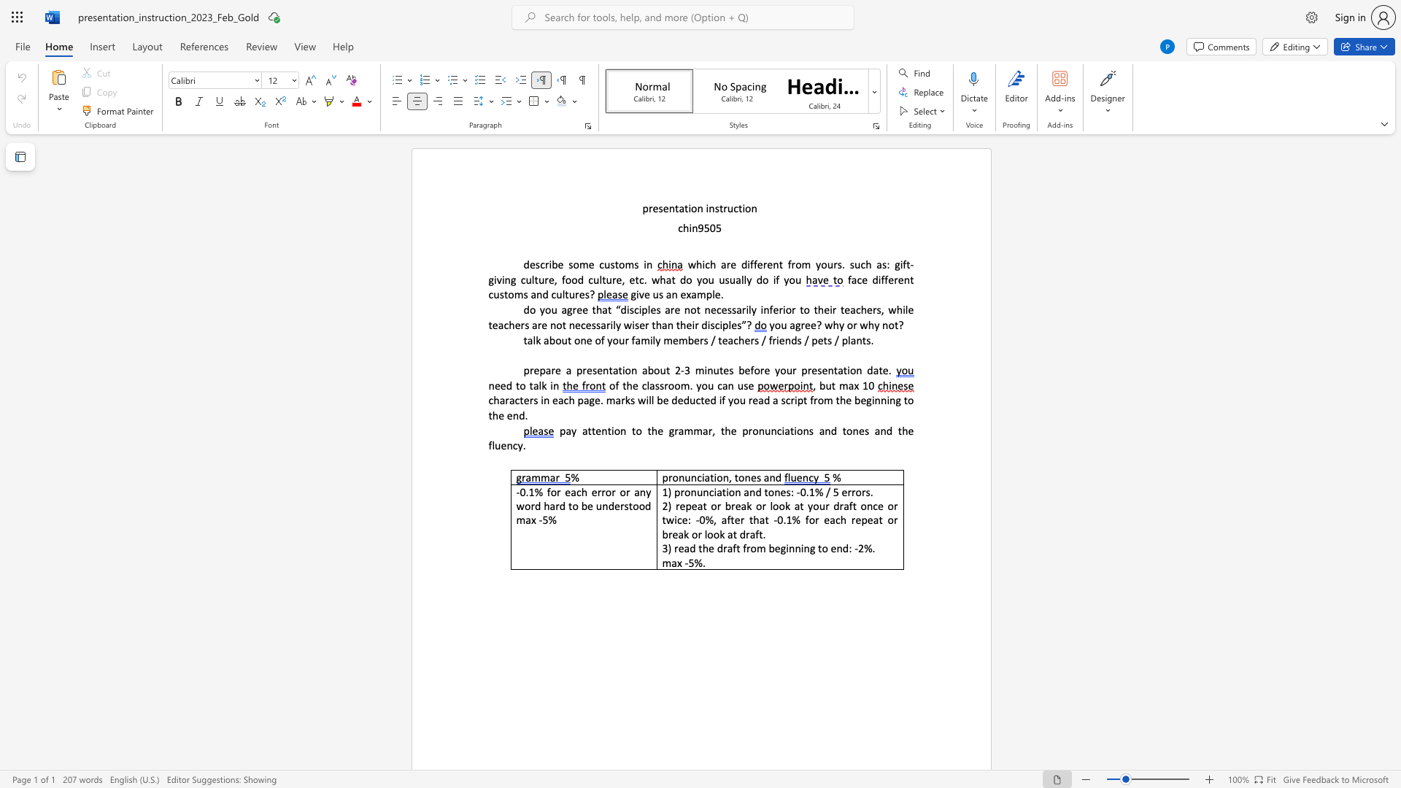  Describe the element at coordinates (644, 505) in the screenshot. I see `the subset text "d m" within the text "-0.1% for each error or any word hard to be understood max -5%"` at that location.